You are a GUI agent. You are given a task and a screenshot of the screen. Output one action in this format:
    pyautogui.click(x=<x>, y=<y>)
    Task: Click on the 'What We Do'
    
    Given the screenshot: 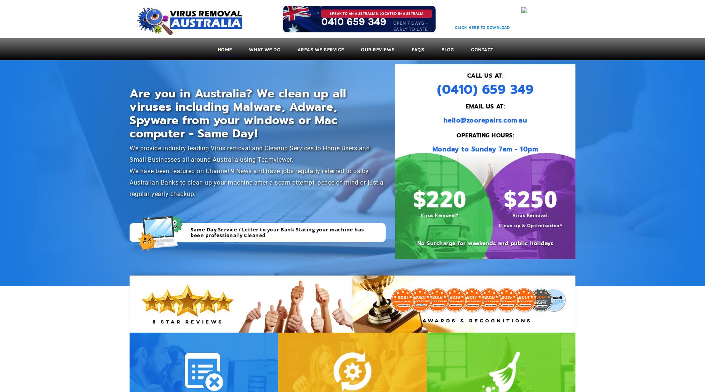 What is the action you would take?
    pyautogui.click(x=249, y=49)
    